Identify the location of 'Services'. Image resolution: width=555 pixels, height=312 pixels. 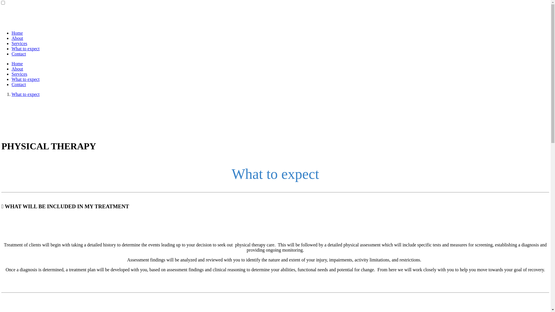
(11, 74).